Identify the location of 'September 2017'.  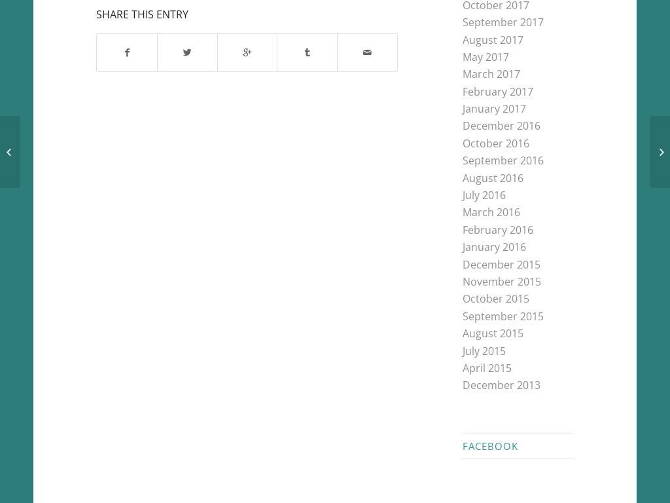
(462, 22).